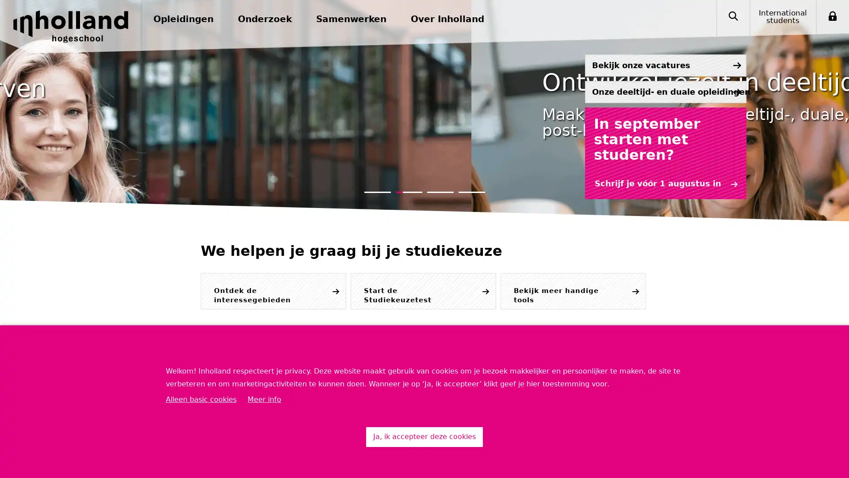  I want to click on Ja, ik accepteer deze cookies, so click(424, 436).